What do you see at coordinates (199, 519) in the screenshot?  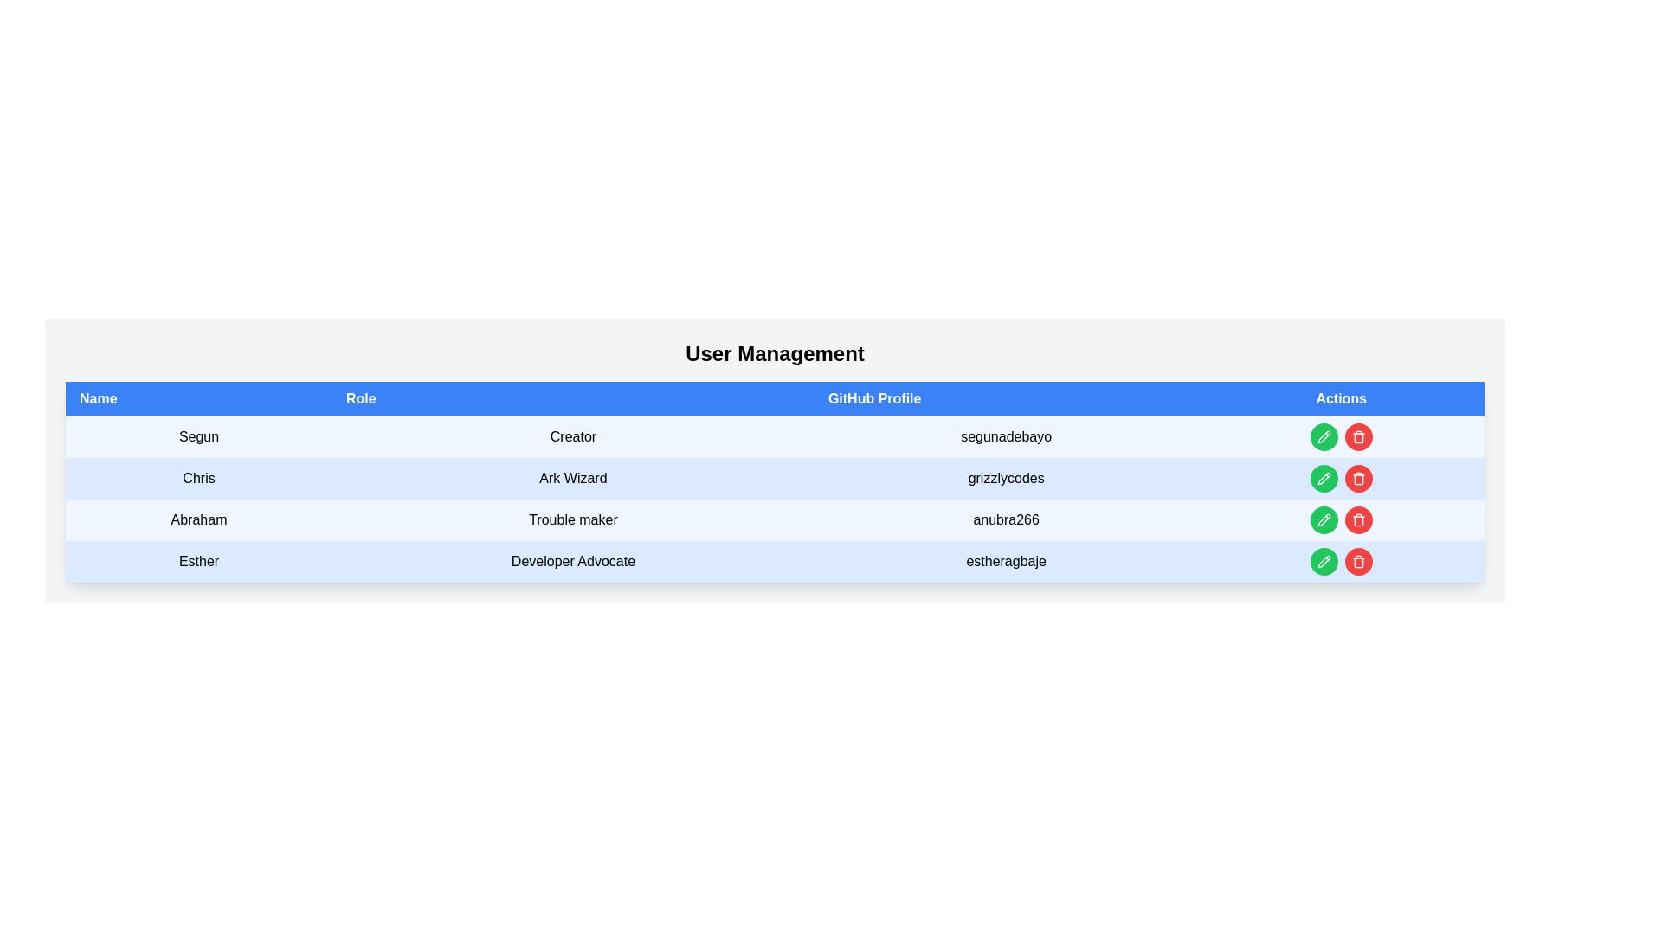 I see `the Label element displaying the name 'Abraham', which is the first cell in the third row of a user table under the 'Name' column` at bounding box center [199, 519].